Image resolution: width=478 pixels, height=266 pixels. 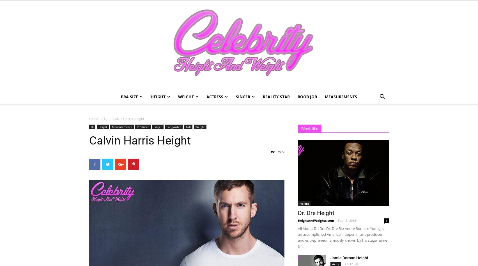 I want to click on 'Feb 13, 2016', so click(x=346, y=220).